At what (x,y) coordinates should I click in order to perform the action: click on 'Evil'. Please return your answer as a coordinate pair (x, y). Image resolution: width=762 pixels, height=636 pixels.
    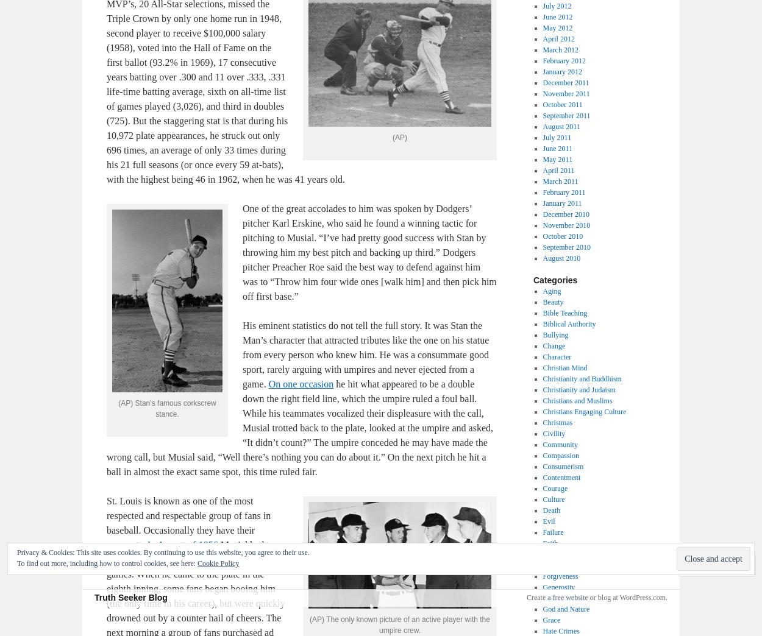
    Looking at the image, I should click on (549, 521).